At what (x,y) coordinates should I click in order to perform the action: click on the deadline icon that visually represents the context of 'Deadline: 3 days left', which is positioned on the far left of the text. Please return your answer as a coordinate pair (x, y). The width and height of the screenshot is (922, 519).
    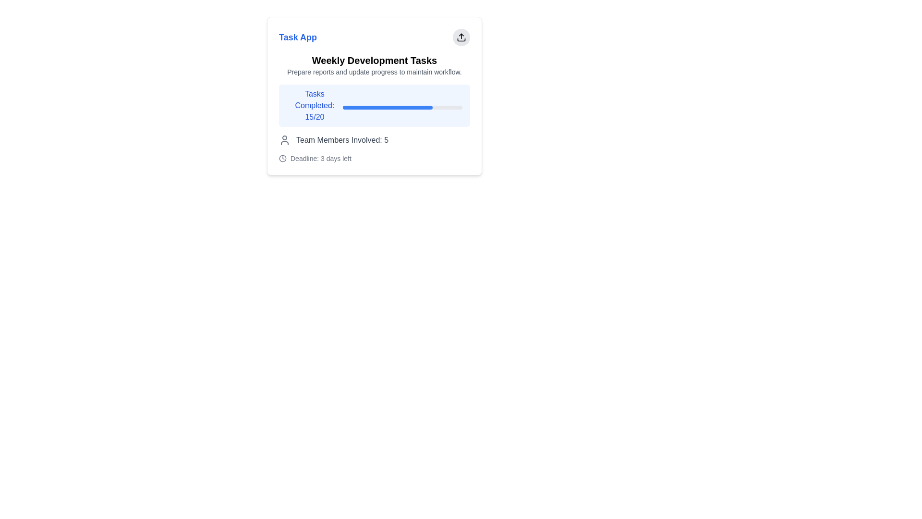
    Looking at the image, I should click on (282, 158).